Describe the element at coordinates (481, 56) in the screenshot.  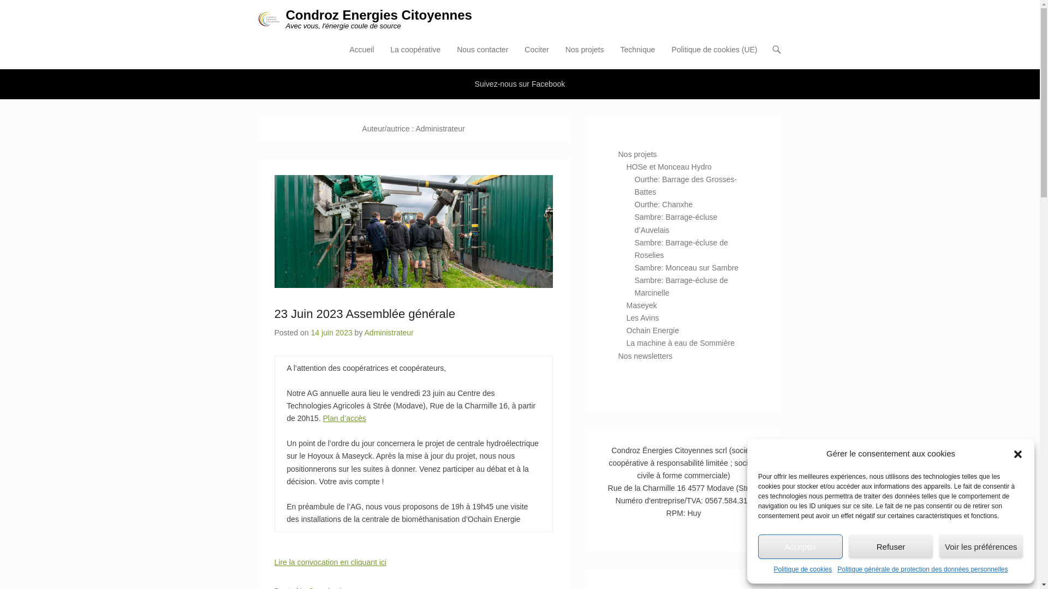
I see `'Nous contacter'` at that location.